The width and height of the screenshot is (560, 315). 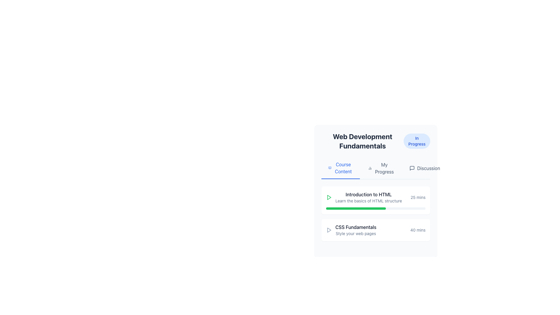 I want to click on the read-only text label providing additional information about the 'CSS Fundamentals' topic, located below the title in the card-like UI layout, so click(x=356, y=233).